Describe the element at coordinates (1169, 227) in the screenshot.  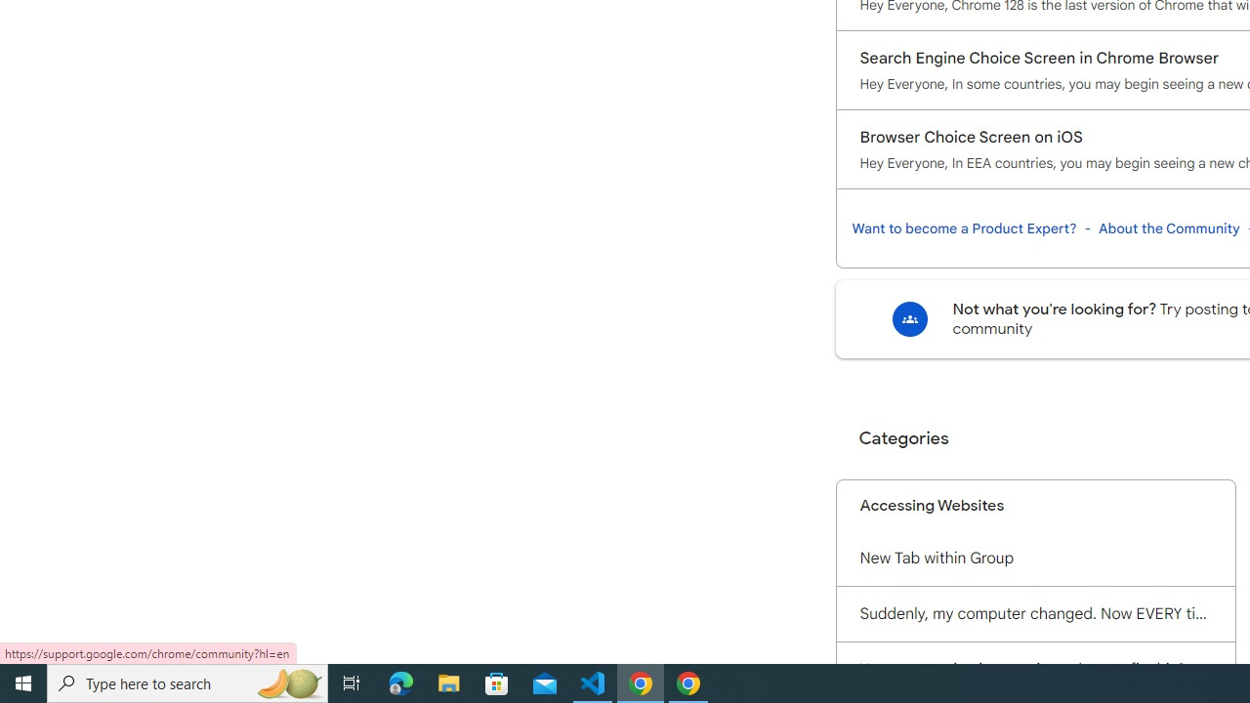
I see `'About the Community'` at that location.